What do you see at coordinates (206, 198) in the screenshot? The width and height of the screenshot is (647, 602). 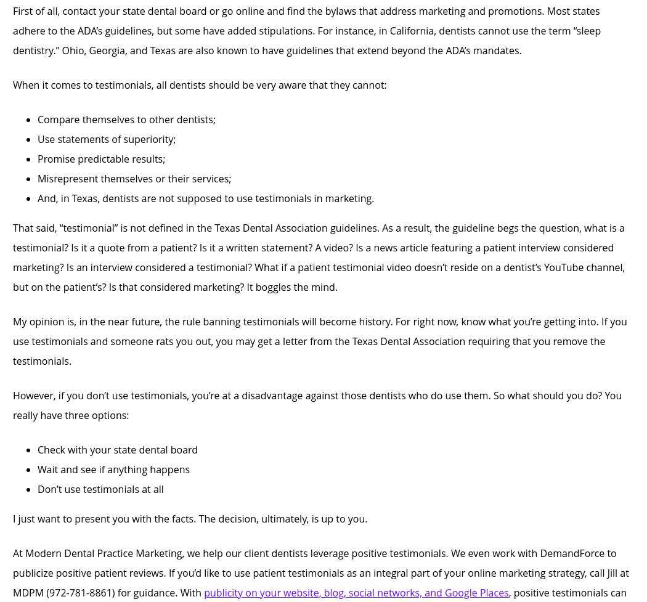 I see `'And, in Texas, dentists are not supposed to use testimonials in marketing.'` at bounding box center [206, 198].